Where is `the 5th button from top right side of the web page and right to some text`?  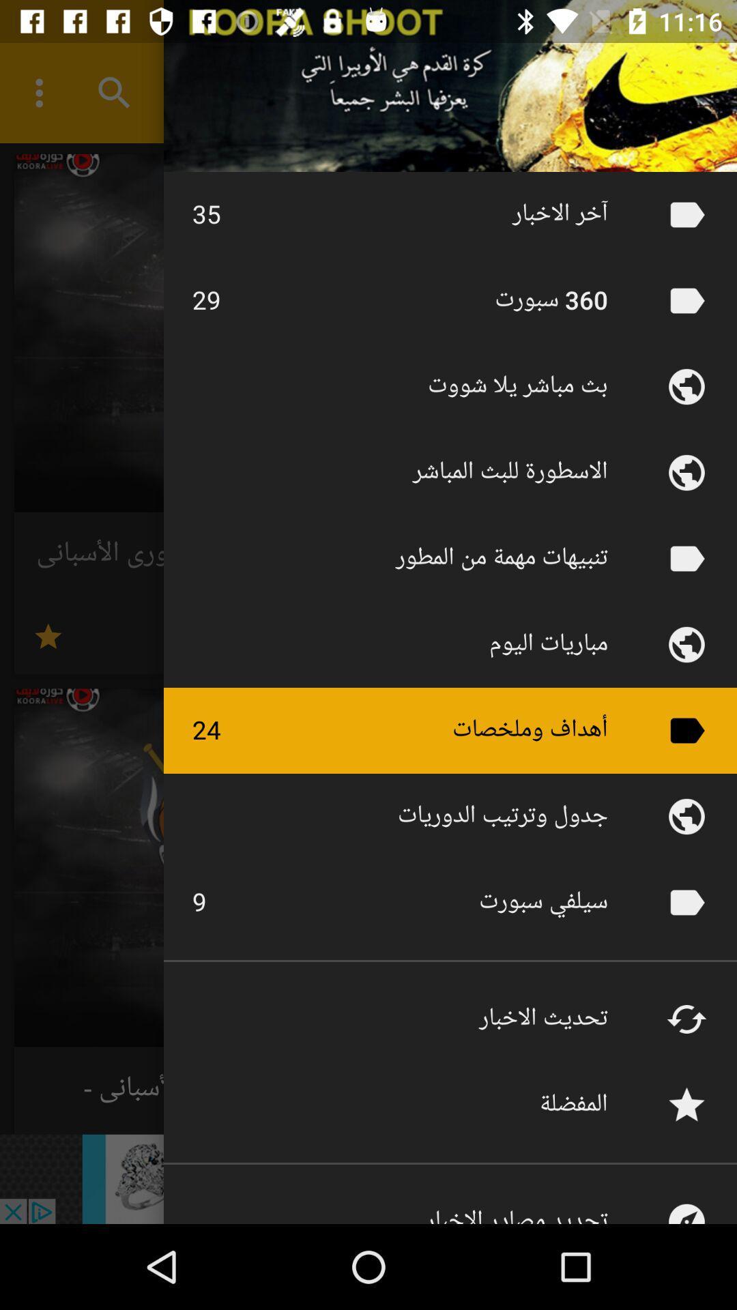 the 5th button from top right side of the web page and right to some text is located at coordinates (687, 559).